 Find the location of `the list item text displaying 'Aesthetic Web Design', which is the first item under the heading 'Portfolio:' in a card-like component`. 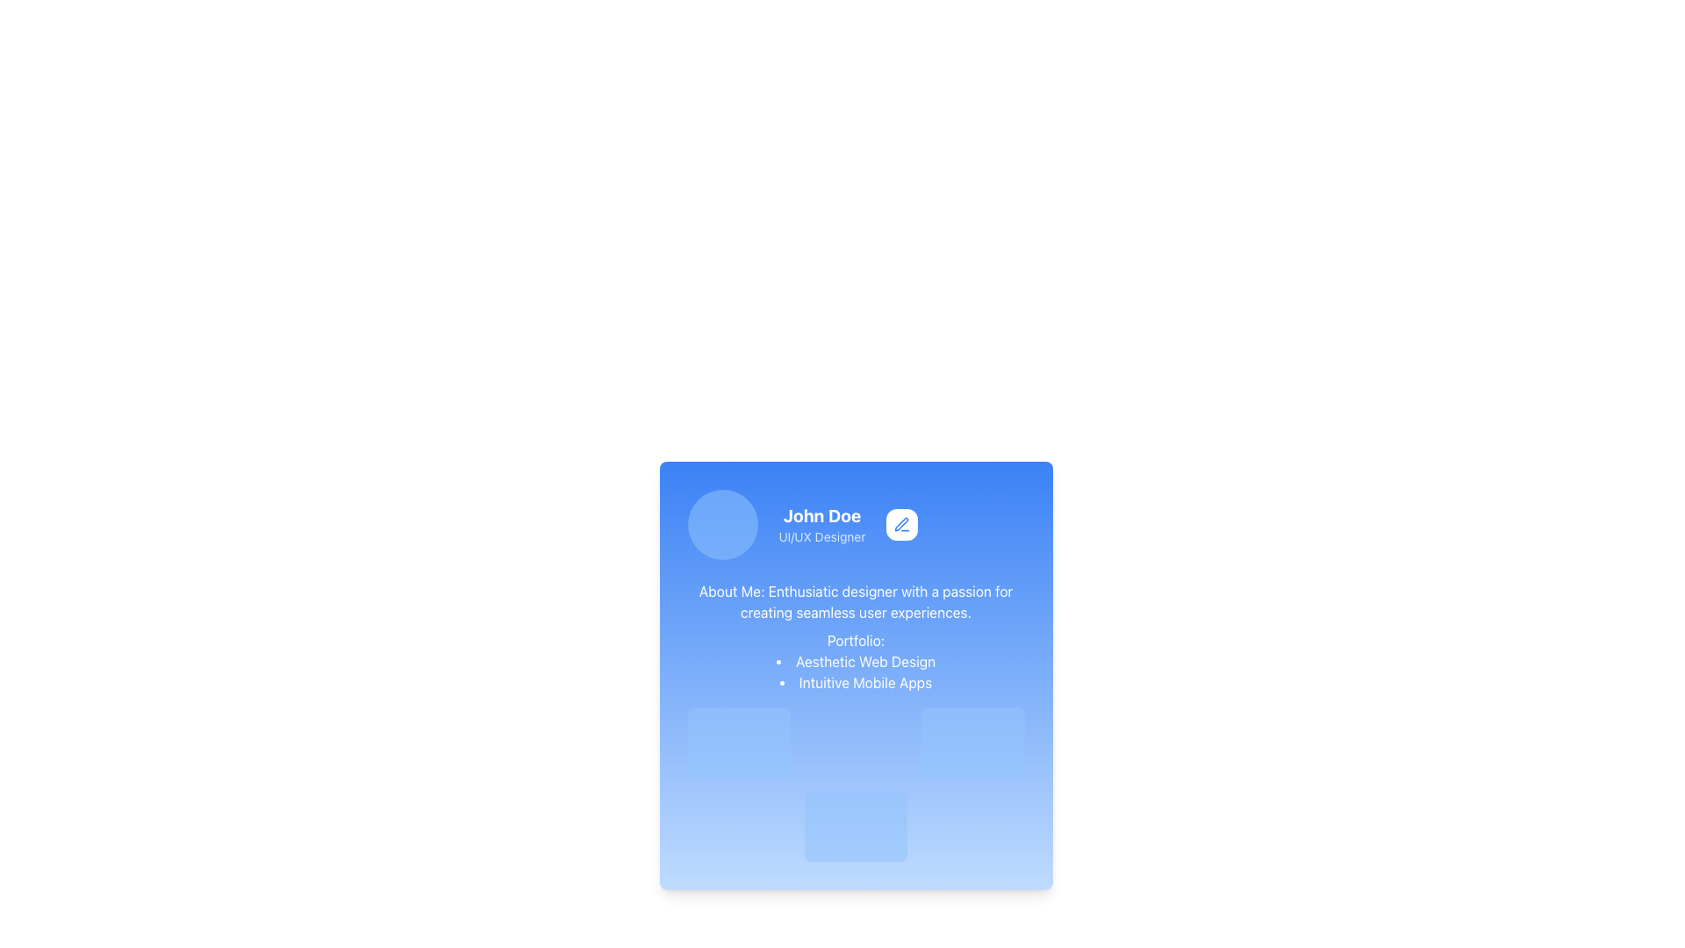

the list item text displaying 'Aesthetic Web Design', which is the first item under the heading 'Portfolio:' in a card-like component is located at coordinates (856, 661).